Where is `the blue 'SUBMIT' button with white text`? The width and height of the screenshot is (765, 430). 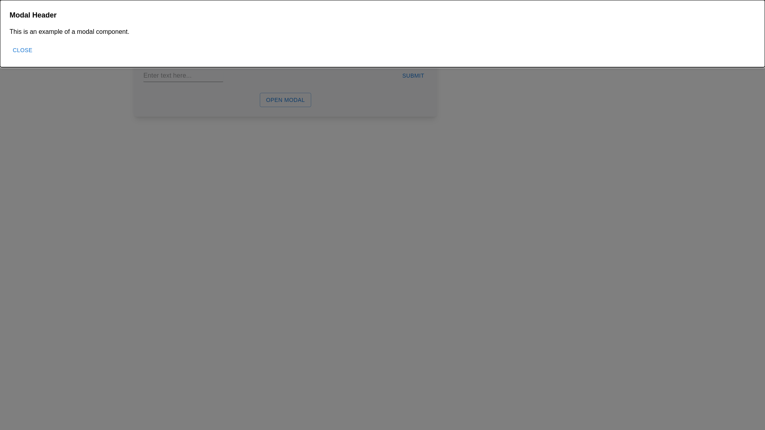 the blue 'SUBMIT' button with white text is located at coordinates (413, 76).